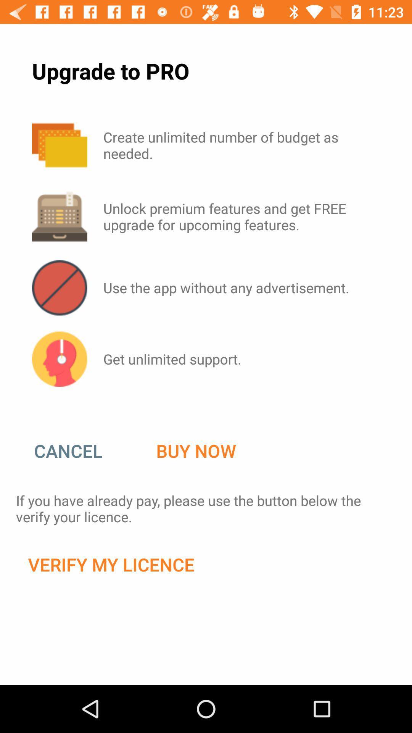  Describe the element at coordinates (76, 451) in the screenshot. I see `cancel` at that location.